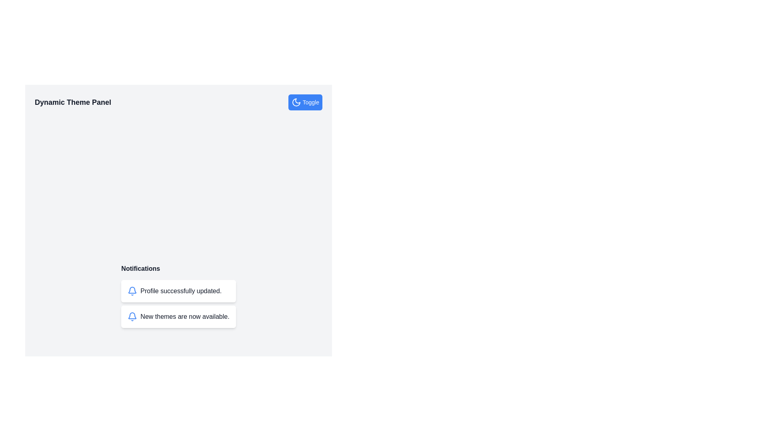 This screenshot has height=432, width=768. I want to click on the Notification Box that contains the text 'Profile successfully updated.' and a blue bell icon, located under the 'Notifications' heading, so click(178, 291).